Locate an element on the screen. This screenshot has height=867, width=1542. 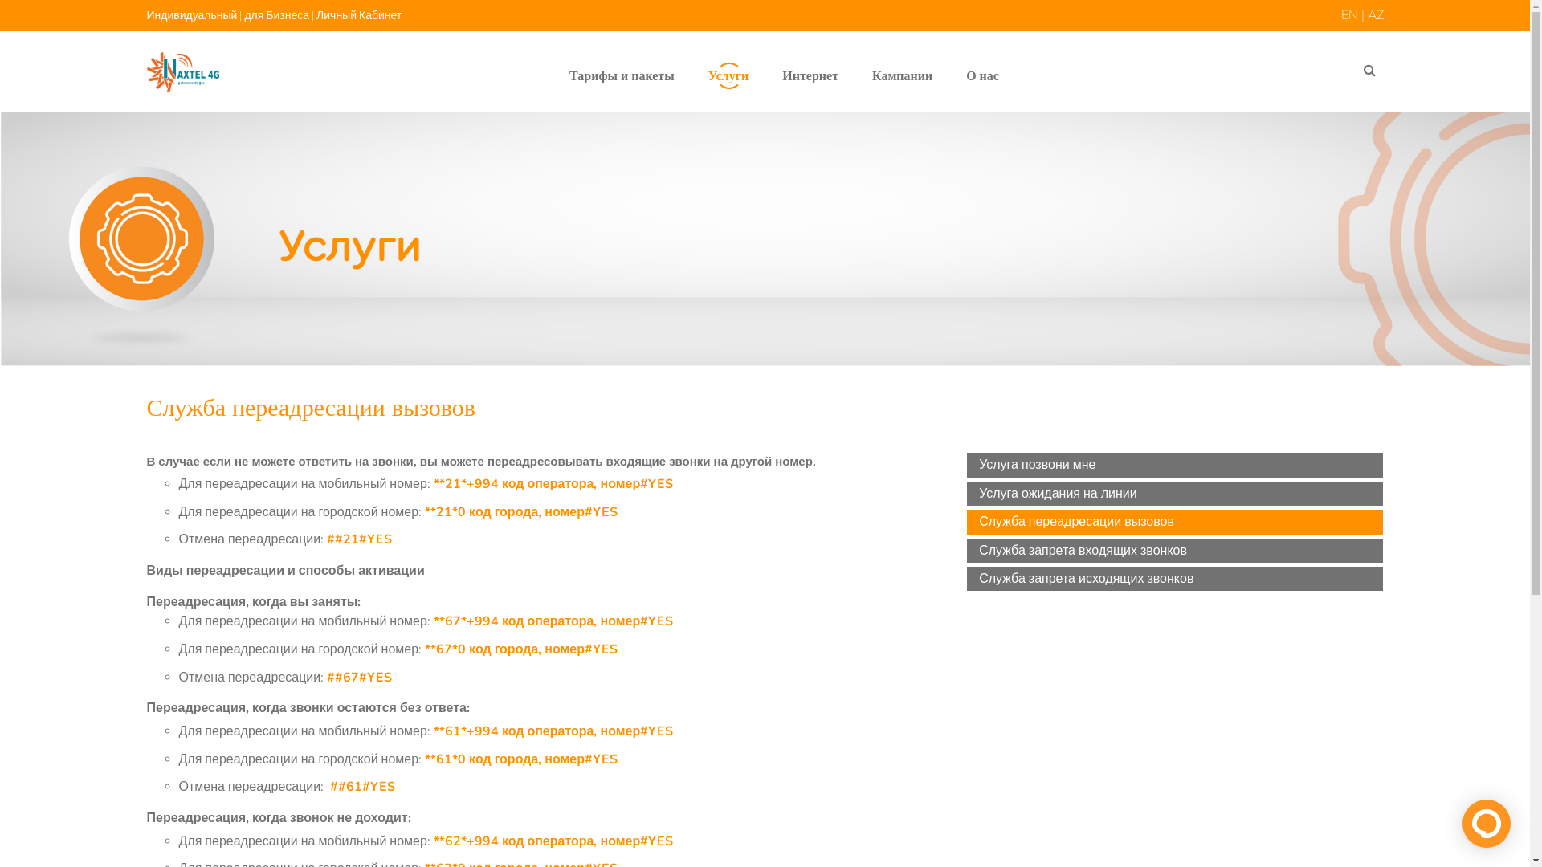
'EN' is located at coordinates (1349, 15).